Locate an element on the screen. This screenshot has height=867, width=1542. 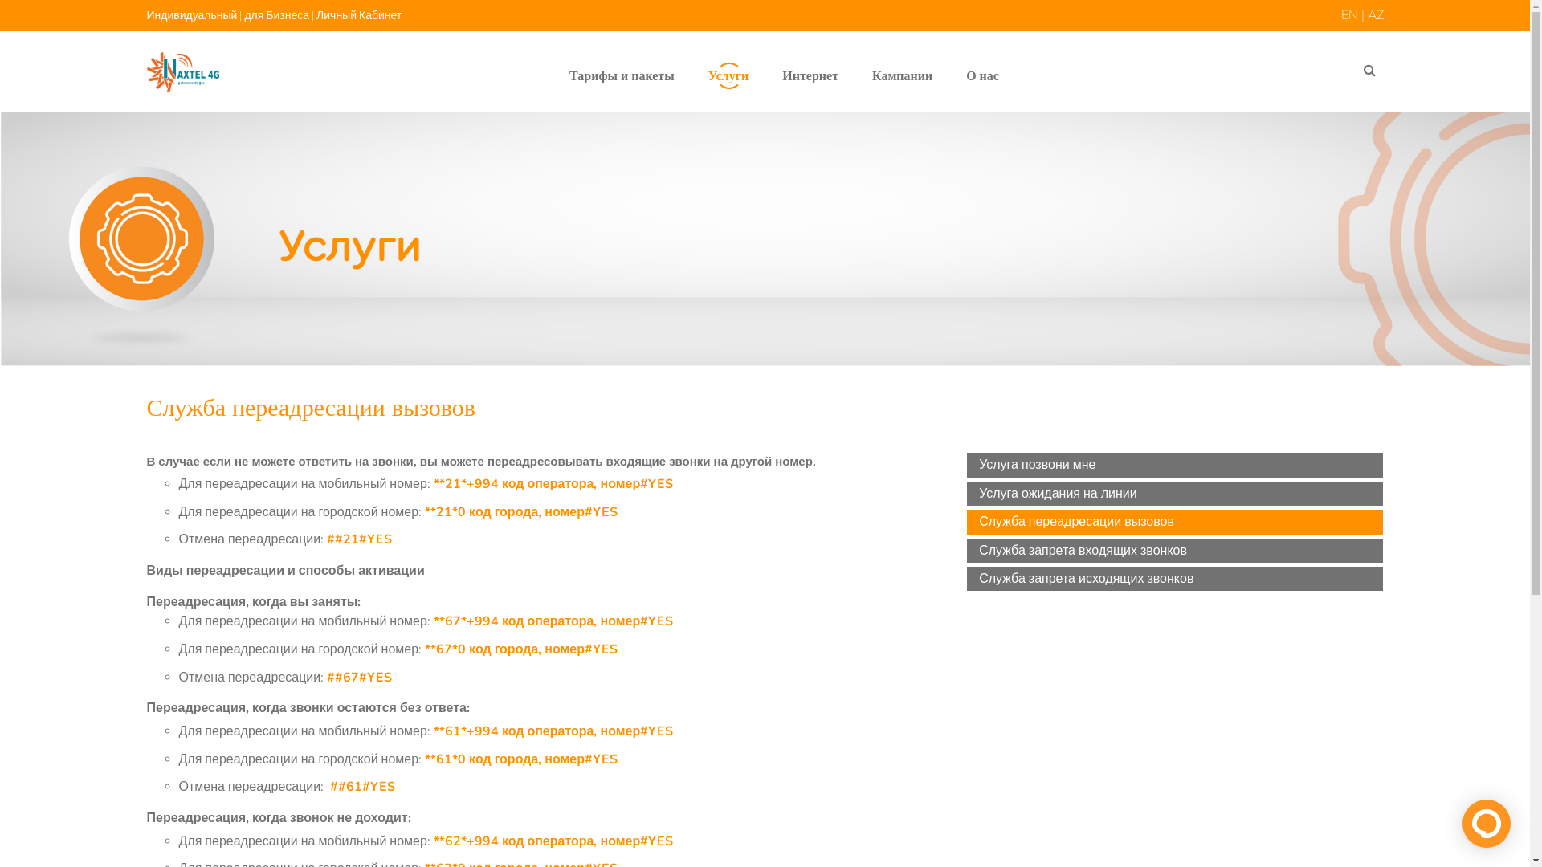
'EN' is located at coordinates (1349, 15).